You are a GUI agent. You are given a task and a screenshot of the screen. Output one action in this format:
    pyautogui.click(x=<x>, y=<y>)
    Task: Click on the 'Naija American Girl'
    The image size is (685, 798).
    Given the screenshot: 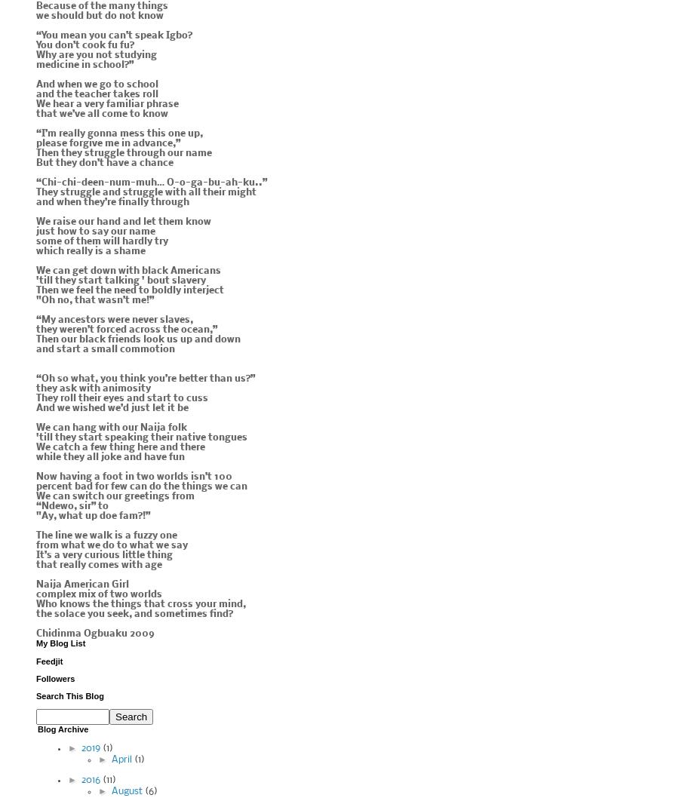 What is the action you would take?
    pyautogui.click(x=81, y=585)
    